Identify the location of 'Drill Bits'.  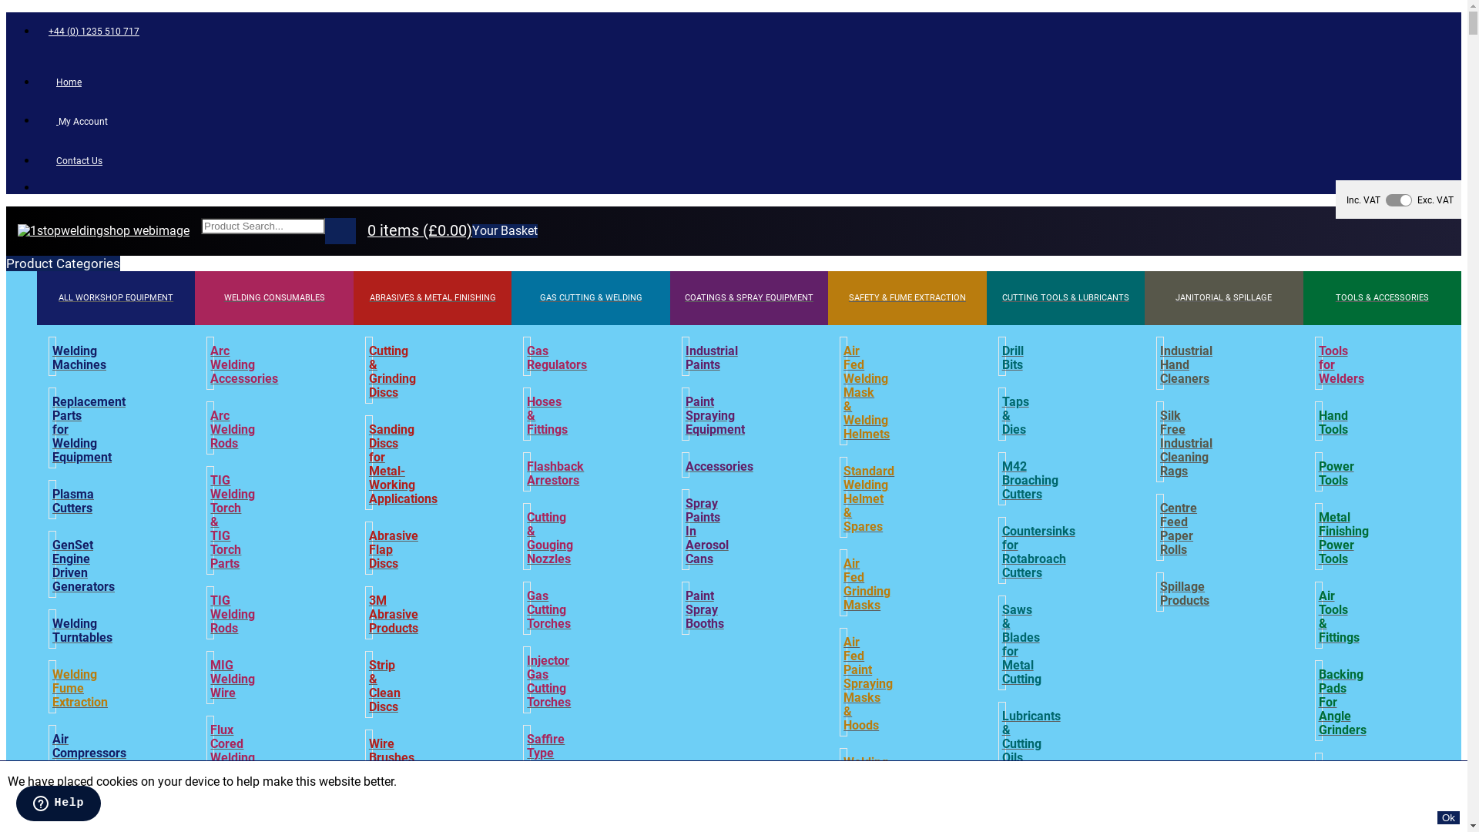
(1013, 358).